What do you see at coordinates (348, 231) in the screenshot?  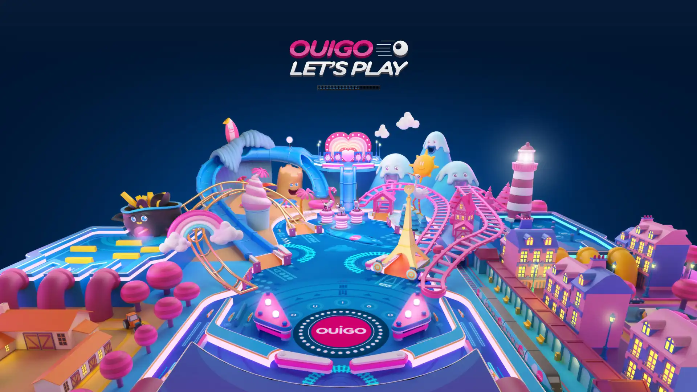 I see `GO` at bounding box center [348, 231].